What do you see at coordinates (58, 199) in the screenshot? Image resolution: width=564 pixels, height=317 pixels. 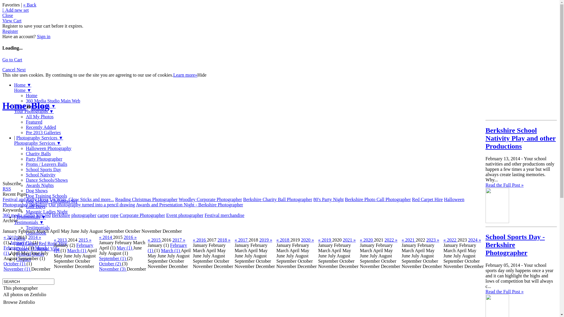 I see `'Festival and Party Dress Up Wigs, Glow Sticks and more...'` at bounding box center [58, 199].